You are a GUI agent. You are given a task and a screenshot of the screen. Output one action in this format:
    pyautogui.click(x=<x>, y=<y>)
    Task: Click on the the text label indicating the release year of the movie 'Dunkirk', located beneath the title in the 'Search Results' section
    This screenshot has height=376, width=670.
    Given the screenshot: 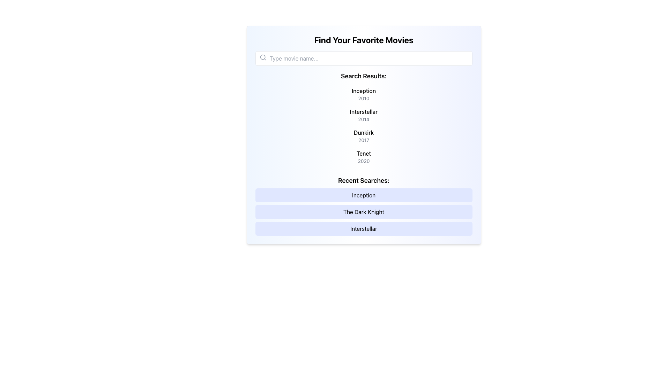 What is the action you would take?
    pyautogui.click(x=363, y=140)
    